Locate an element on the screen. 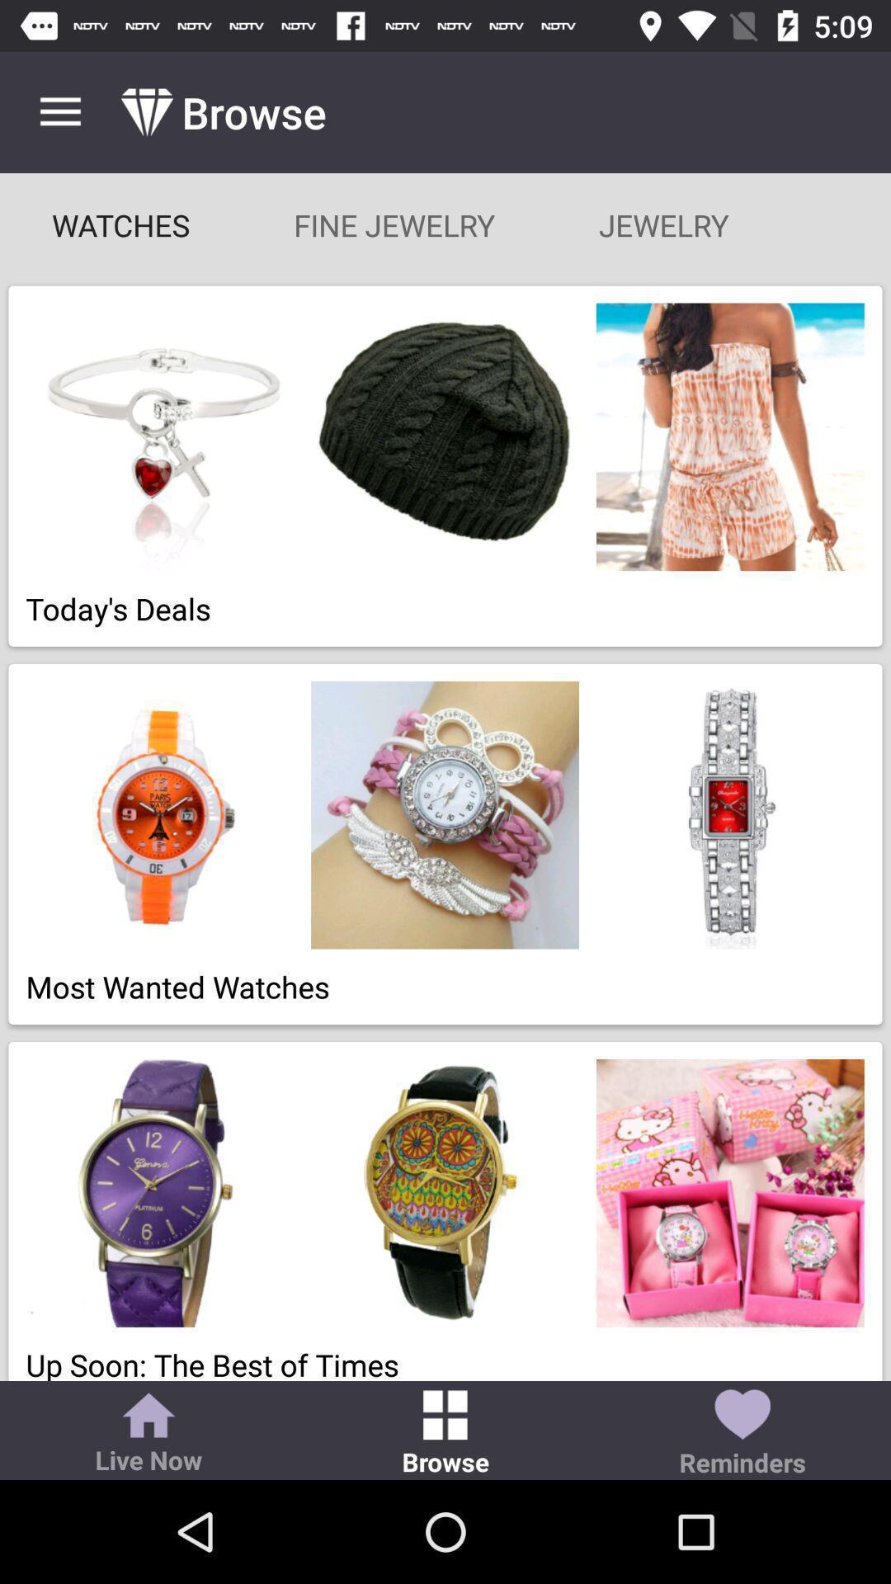 The image size is (891, 1584). icon to the right of browse is located at coordinates (741, 1434).